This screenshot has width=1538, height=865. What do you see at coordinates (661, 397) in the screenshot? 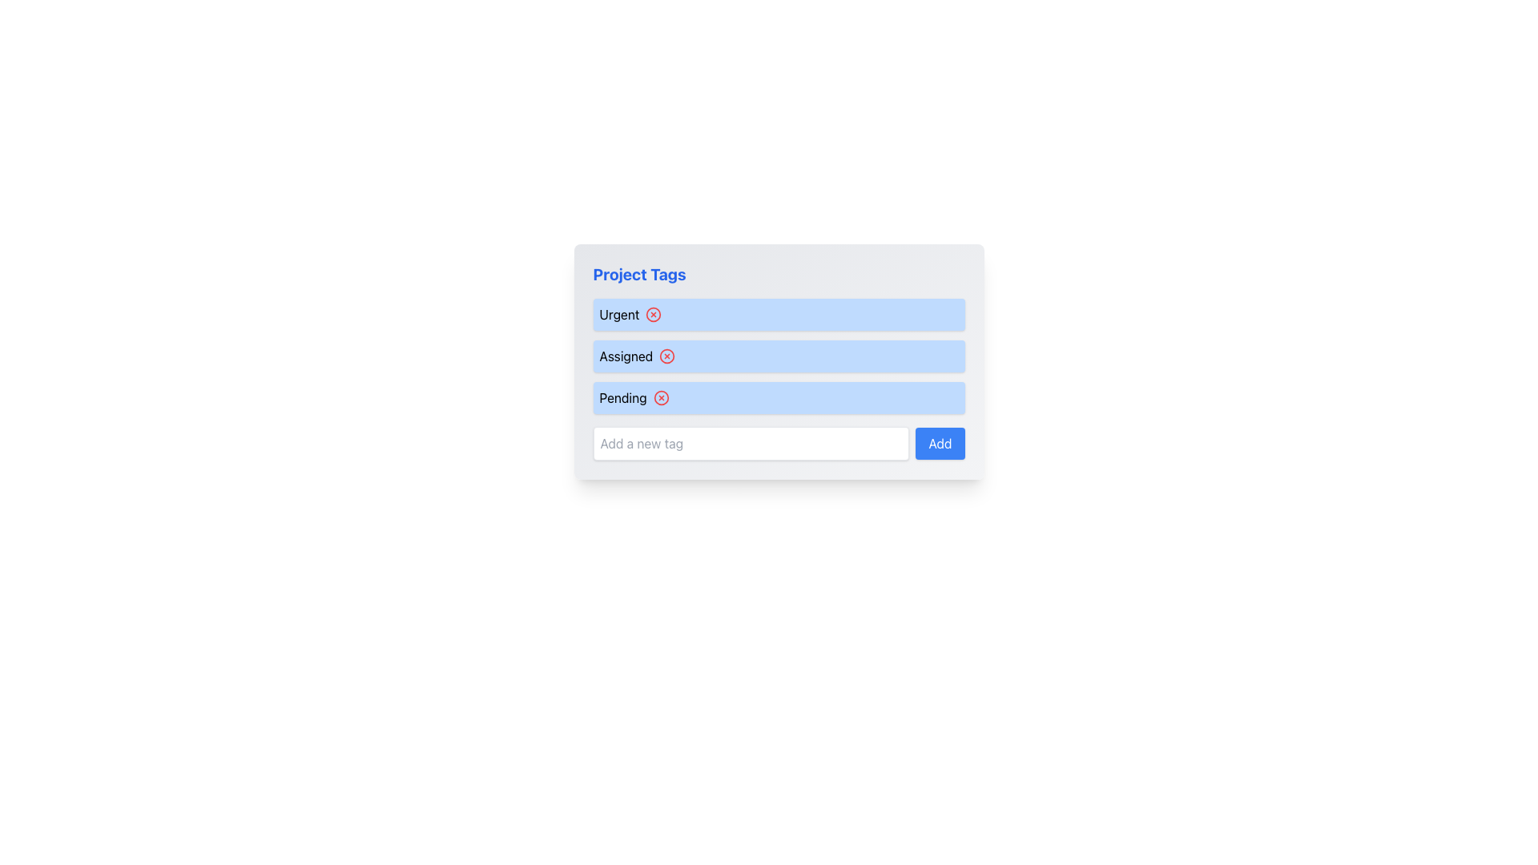
I see `the delete button located in the third row of the list under the header 'Project Tags', aligned to the right of the text 'Pending'` at bounding box center [661, 397].